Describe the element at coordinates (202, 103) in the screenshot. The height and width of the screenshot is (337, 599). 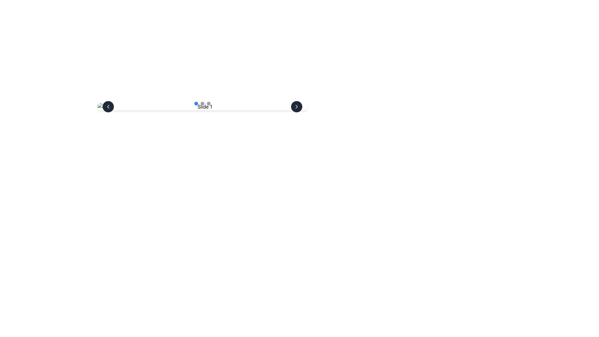
I see `the second navigation dot in the carousel` at that location.